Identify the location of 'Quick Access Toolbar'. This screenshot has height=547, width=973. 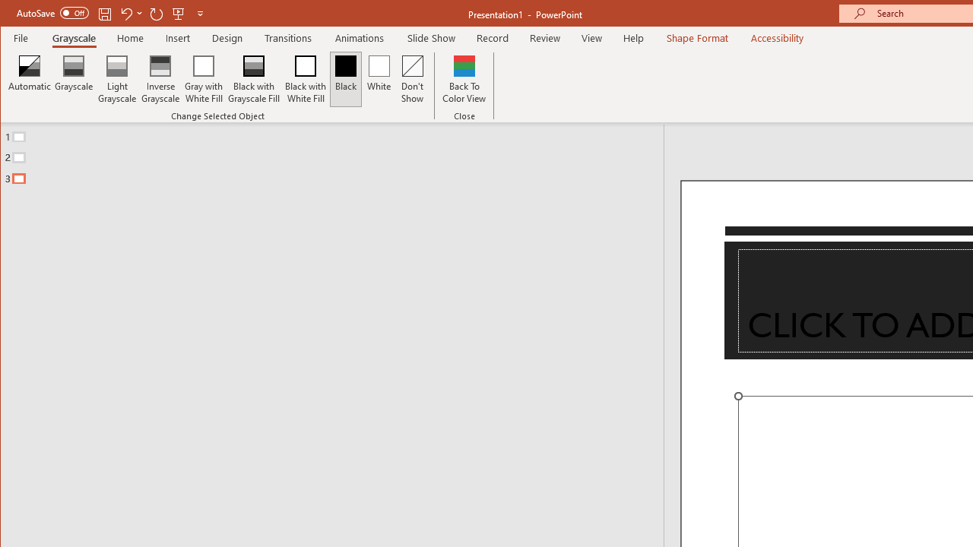
(110, 14).